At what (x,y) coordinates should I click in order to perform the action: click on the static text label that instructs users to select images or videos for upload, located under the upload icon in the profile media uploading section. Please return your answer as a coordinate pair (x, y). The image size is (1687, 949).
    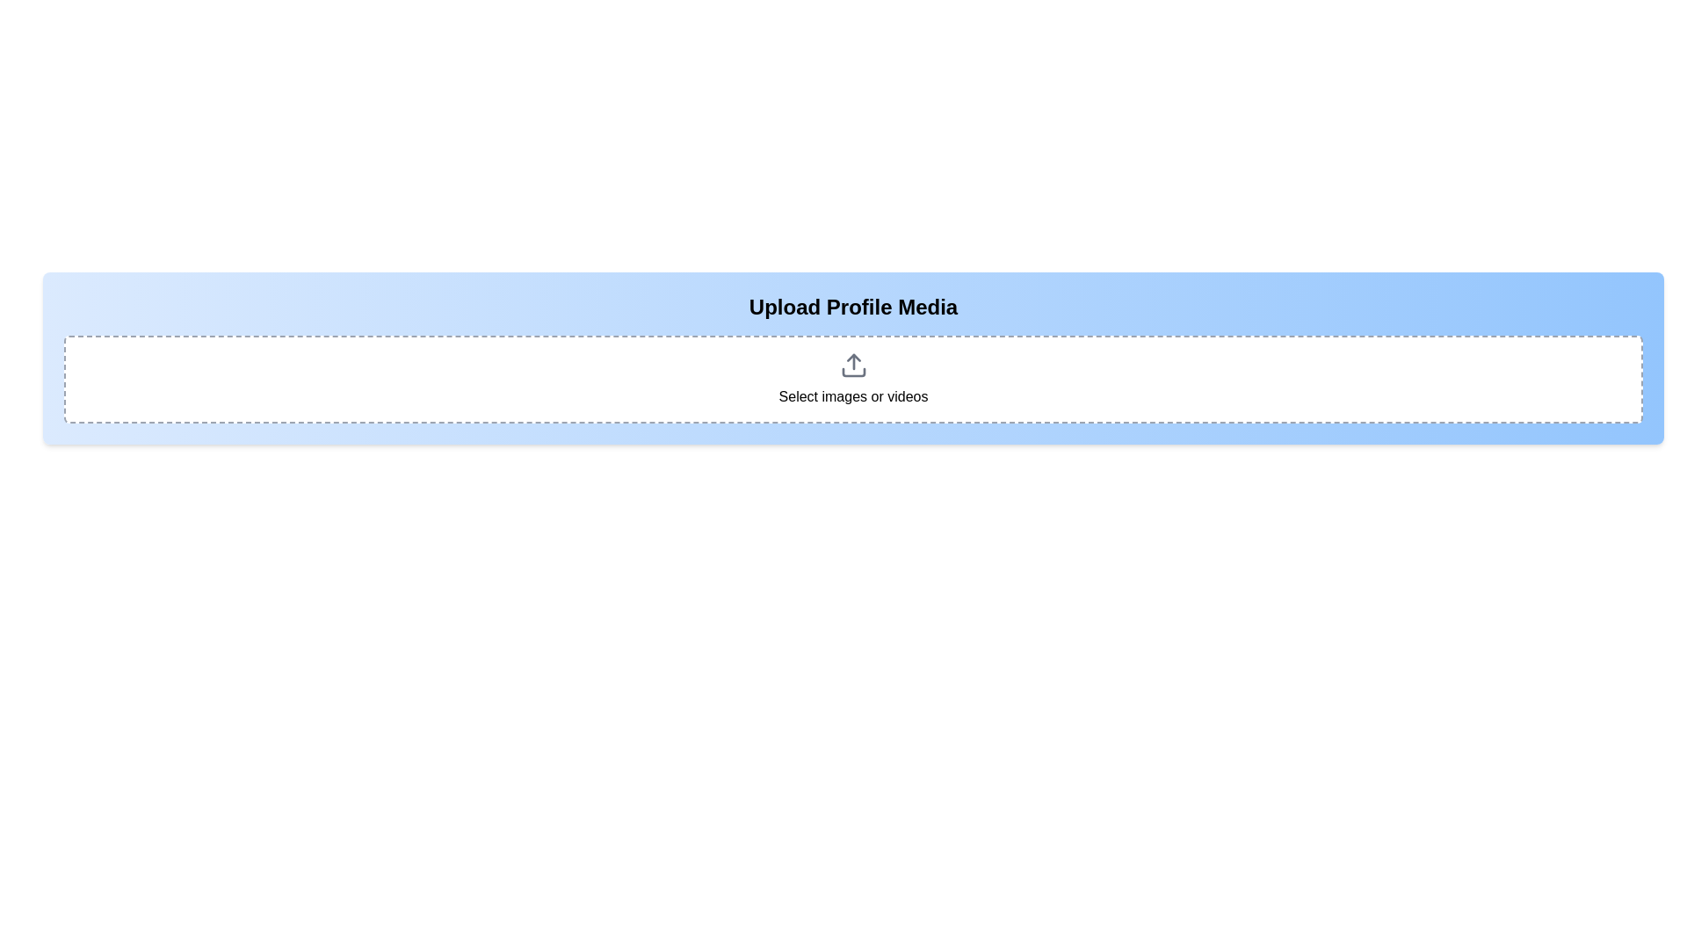
    Looking at the image, I should click on (853, 396).